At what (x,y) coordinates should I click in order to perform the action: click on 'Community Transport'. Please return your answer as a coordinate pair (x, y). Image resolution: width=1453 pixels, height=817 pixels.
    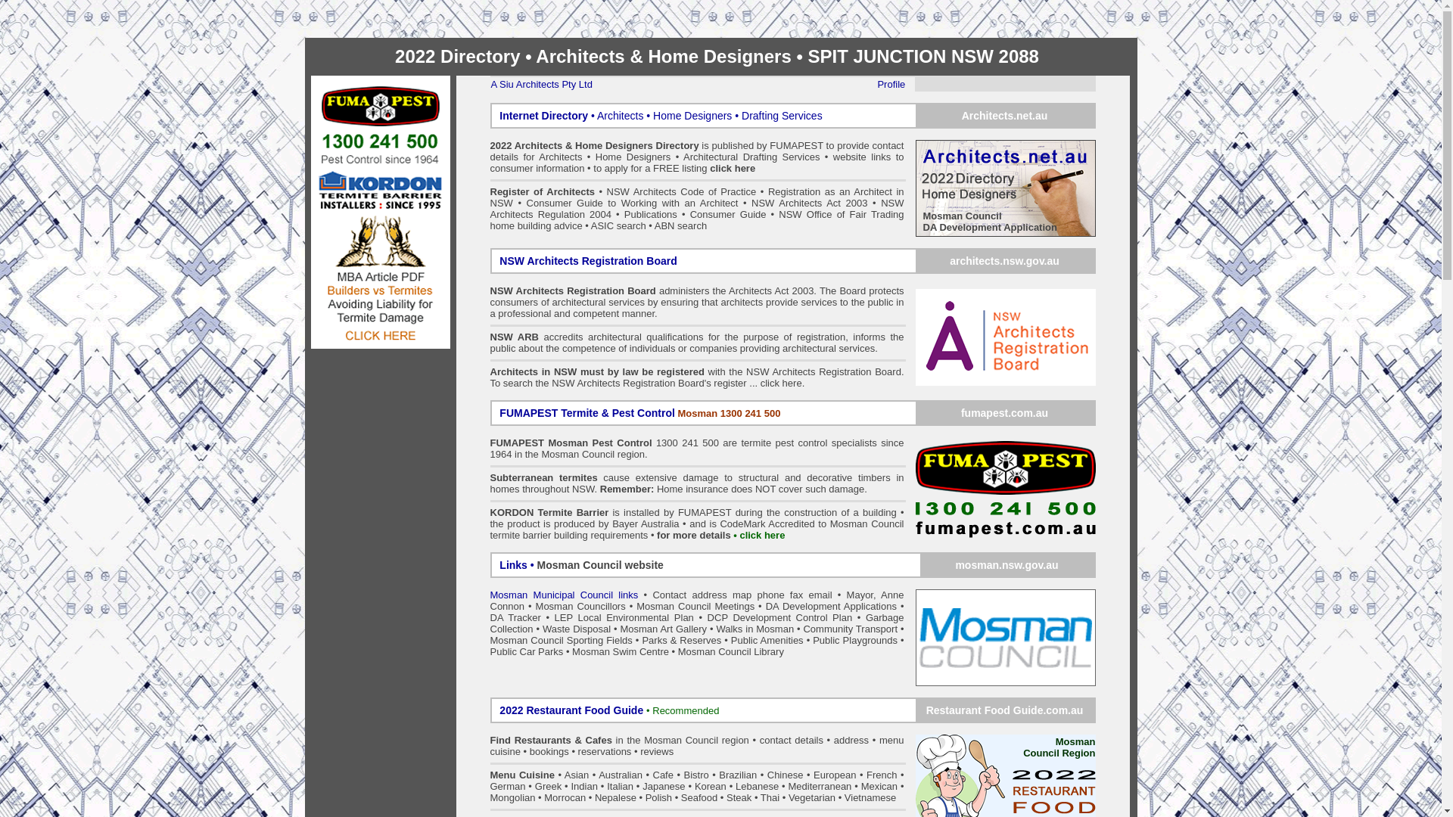
    Looking at the image, I should click on (801, 629).